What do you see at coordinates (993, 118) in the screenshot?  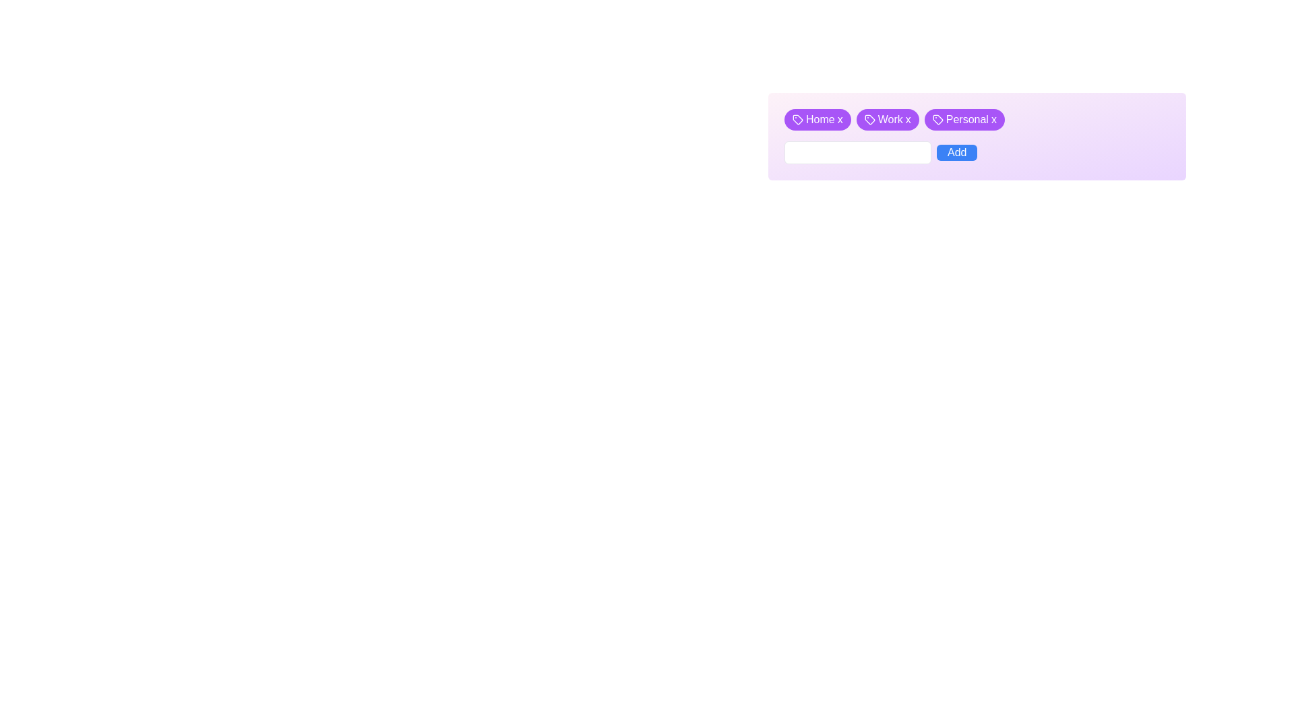 I see `the small 'x' button located at the right end of the 'Personal' tag to change its color to red` at bounding box center [993, 118].